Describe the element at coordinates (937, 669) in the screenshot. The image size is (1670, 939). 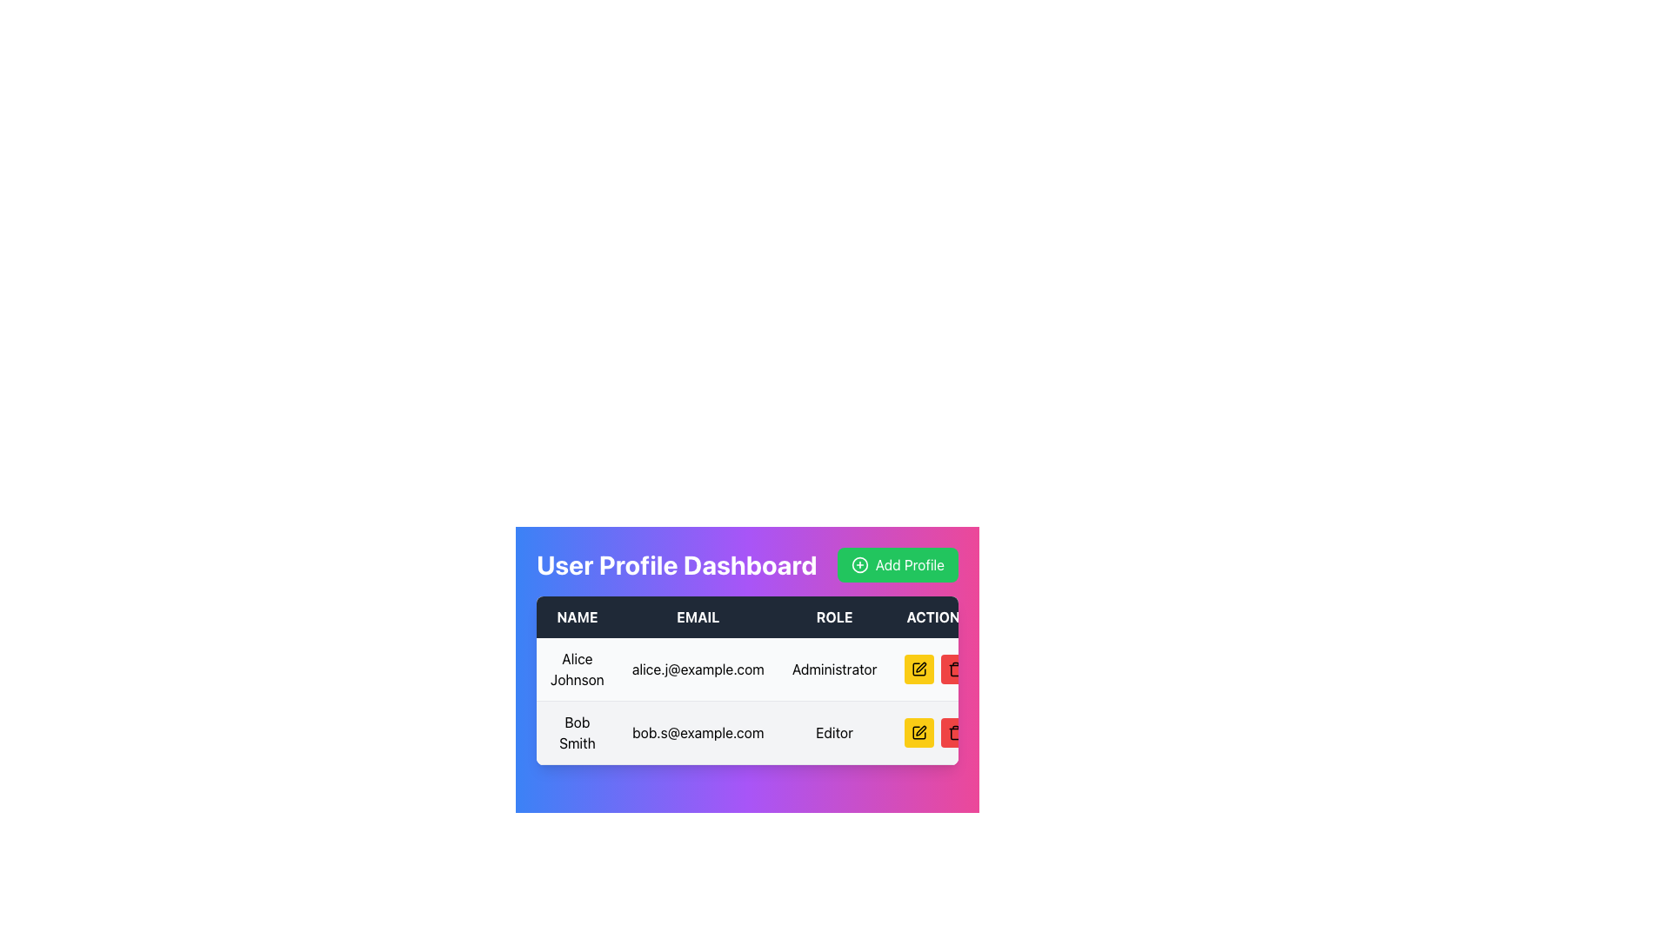
I see `the yellow square icon in the action panel for user 'Alice Johnson' to initiate an edit action` at that location.